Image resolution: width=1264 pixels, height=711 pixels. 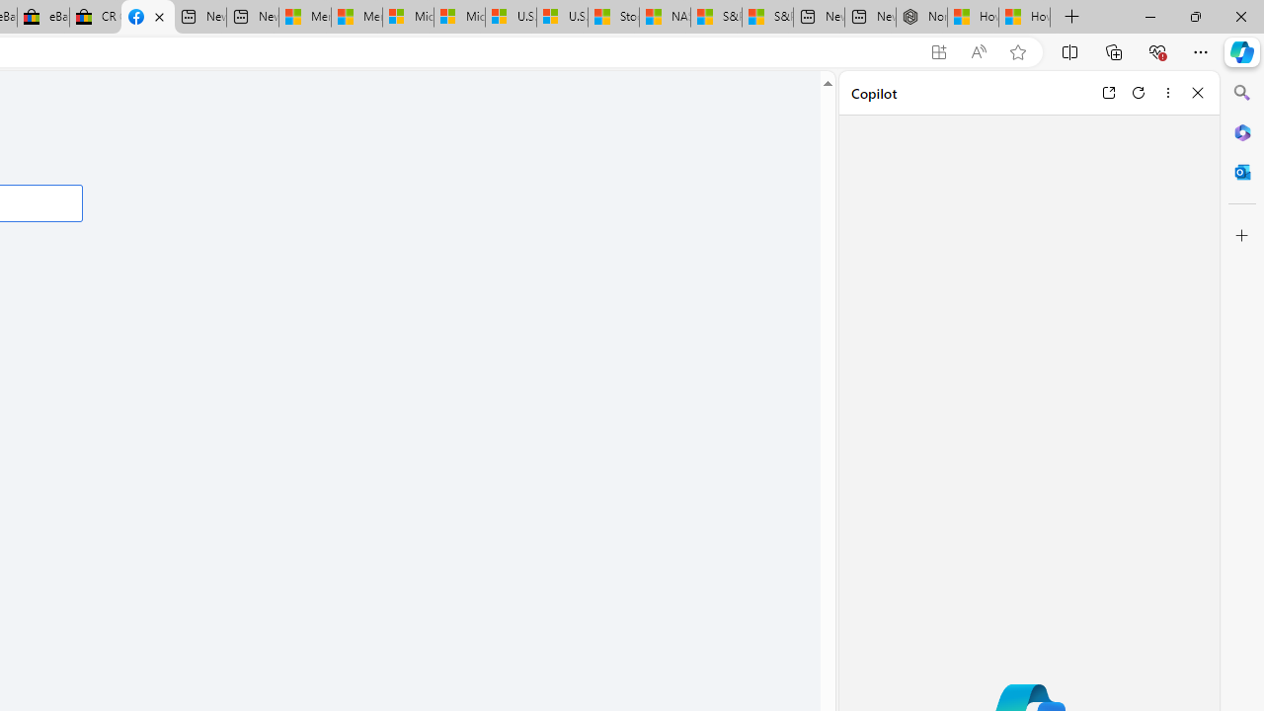 What do you see at coordinates (1241, 235) in the screenshot?
I see `'Customize'` at bounding box center [1241, 235].